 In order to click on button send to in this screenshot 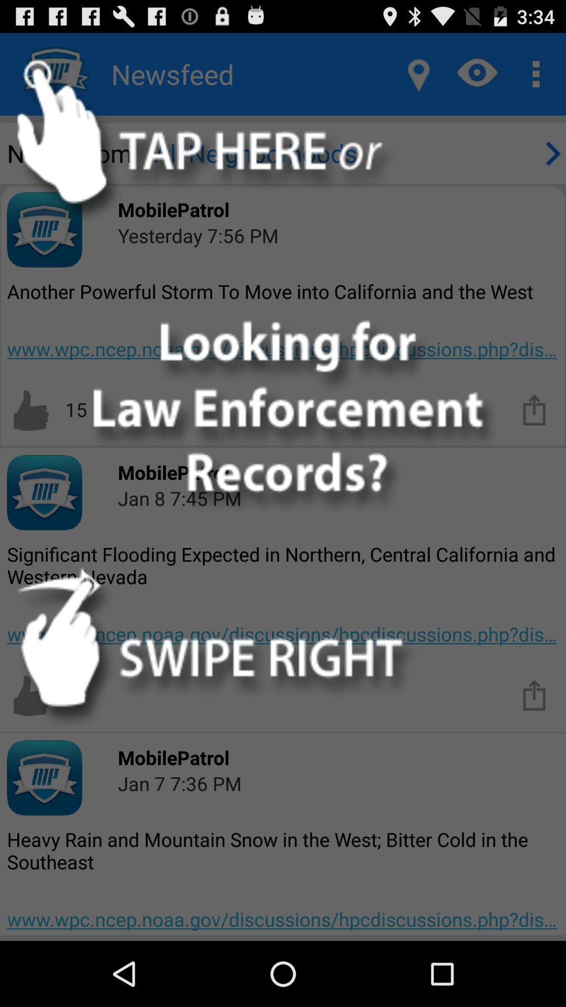, I will do `click(535, 694)`.